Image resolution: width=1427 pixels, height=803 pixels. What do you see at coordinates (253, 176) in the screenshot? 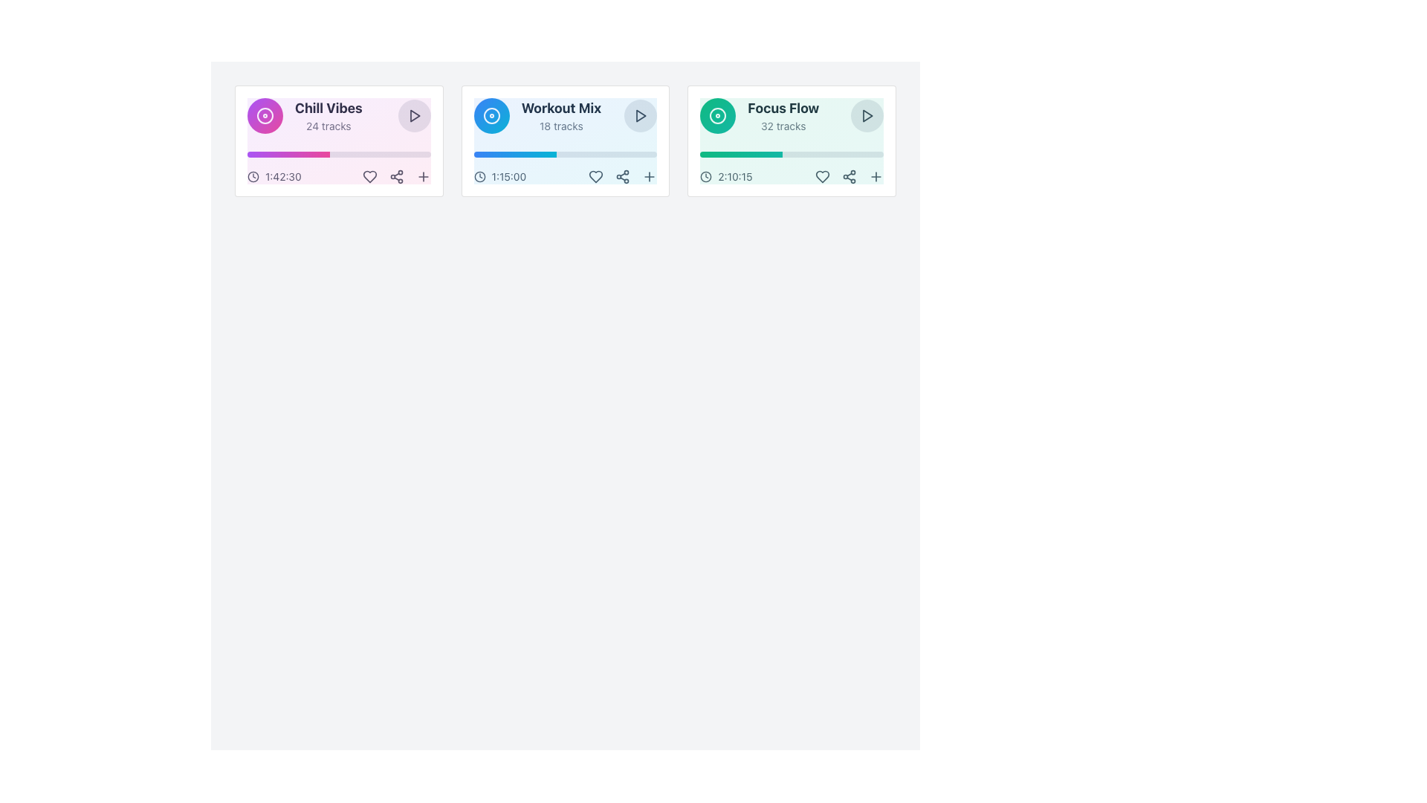
I see `the circular SVG graphic representing a clock located in the top left card titled 'Chill Vibes' in the main interface` at bounding box center [253, 176].